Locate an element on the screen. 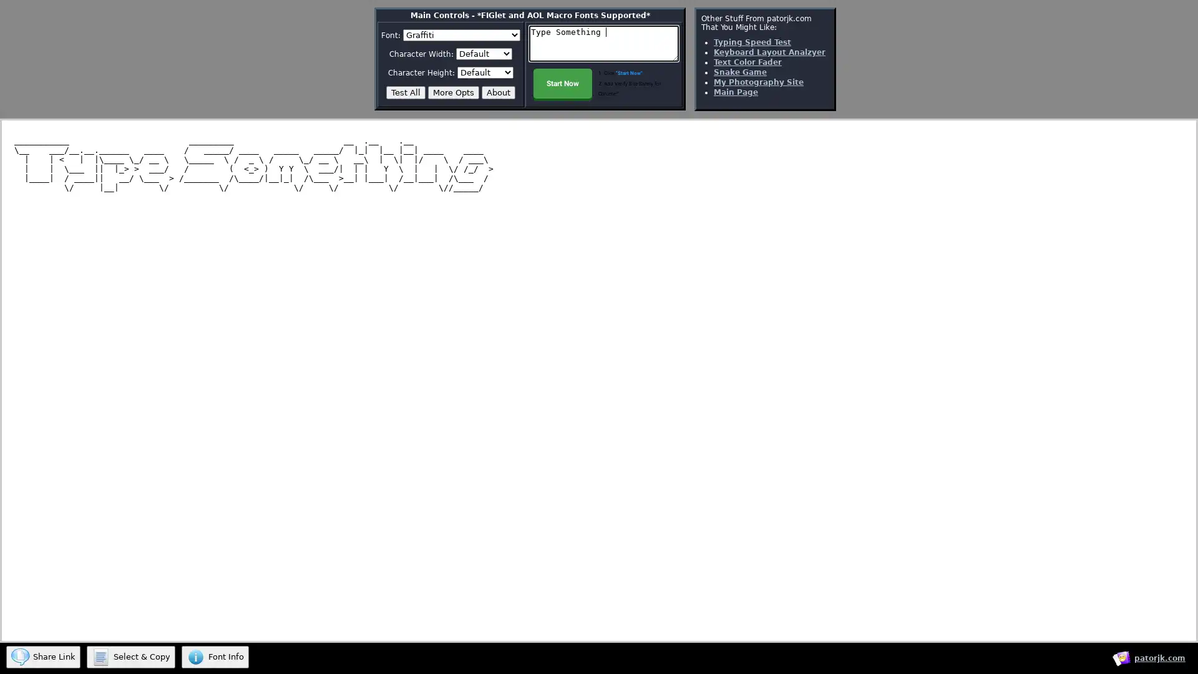 This screenshot has width=1198, height=674. Share Link is located at coordinates (43, 657).